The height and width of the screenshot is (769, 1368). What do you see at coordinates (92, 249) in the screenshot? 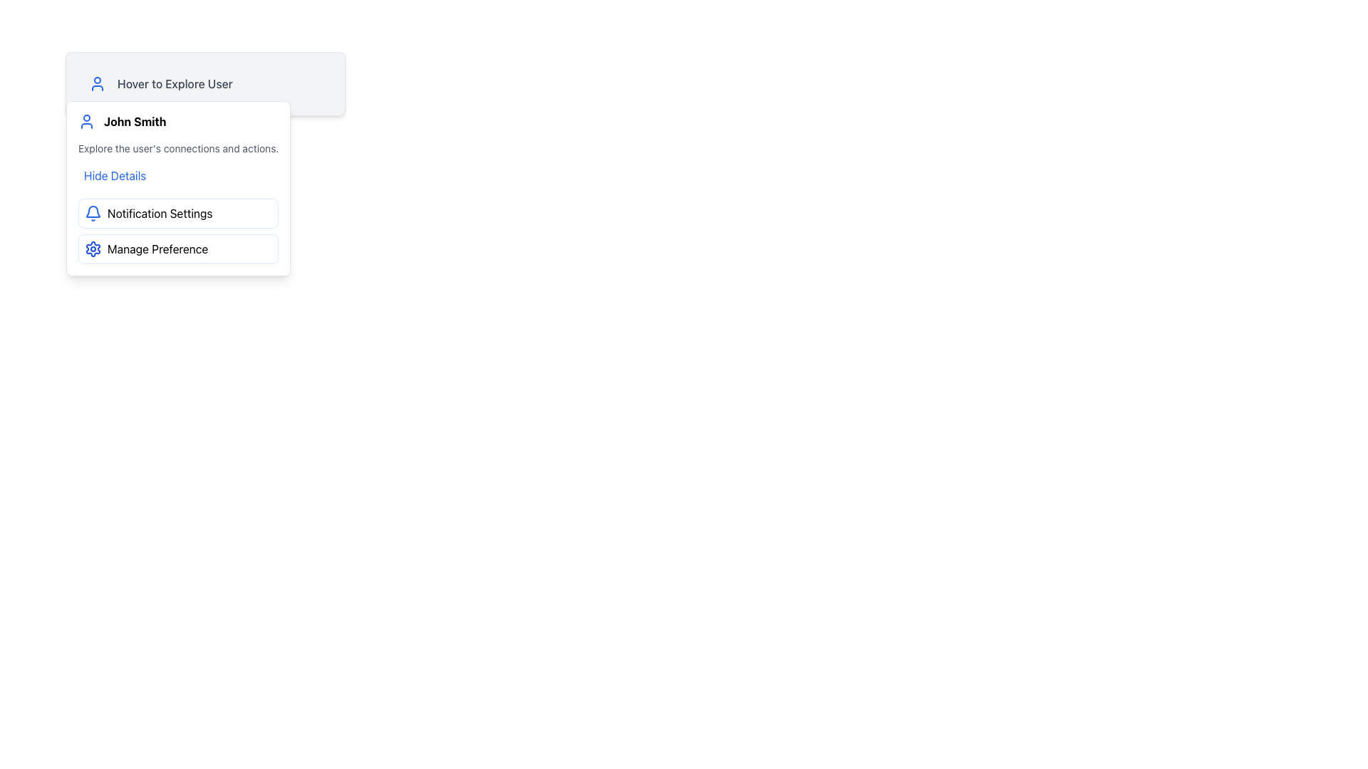
I see `the gear icon representing settings or configuration options, located centrally near the bottom of the pop-up menu under the 'Manage Preference' option` at bounding box center [92, 249].